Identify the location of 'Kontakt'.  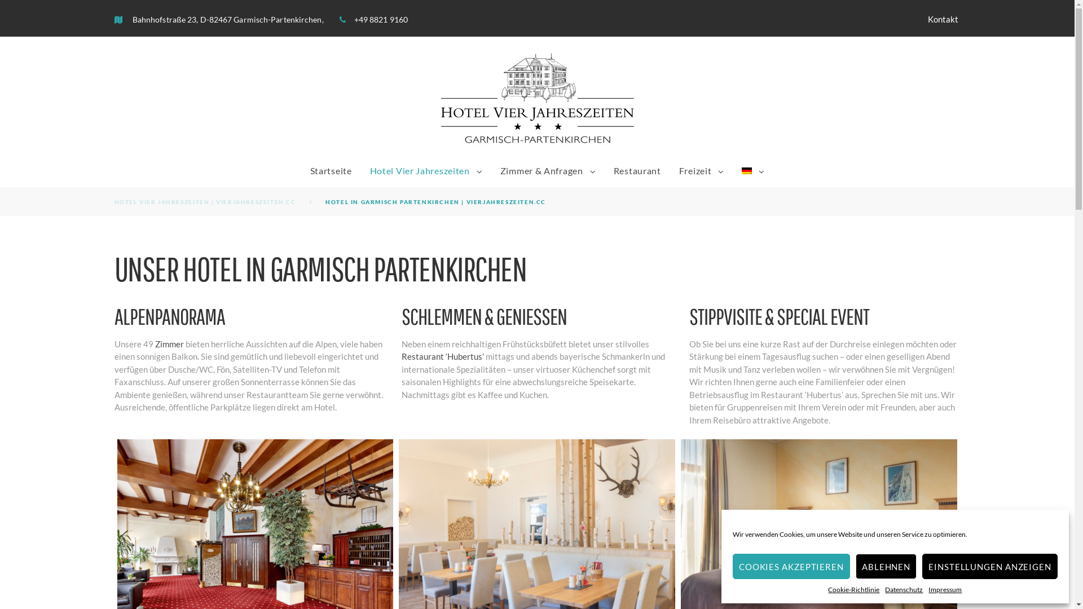
(943, 19).